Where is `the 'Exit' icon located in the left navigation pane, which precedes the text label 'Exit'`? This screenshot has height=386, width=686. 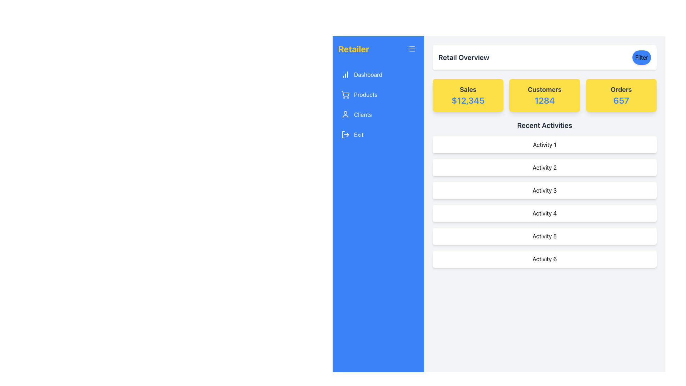 the 'Exit' icon located in the left navigation pane, which precedes the text label 'Exit' is located at coordinates (345, 135).